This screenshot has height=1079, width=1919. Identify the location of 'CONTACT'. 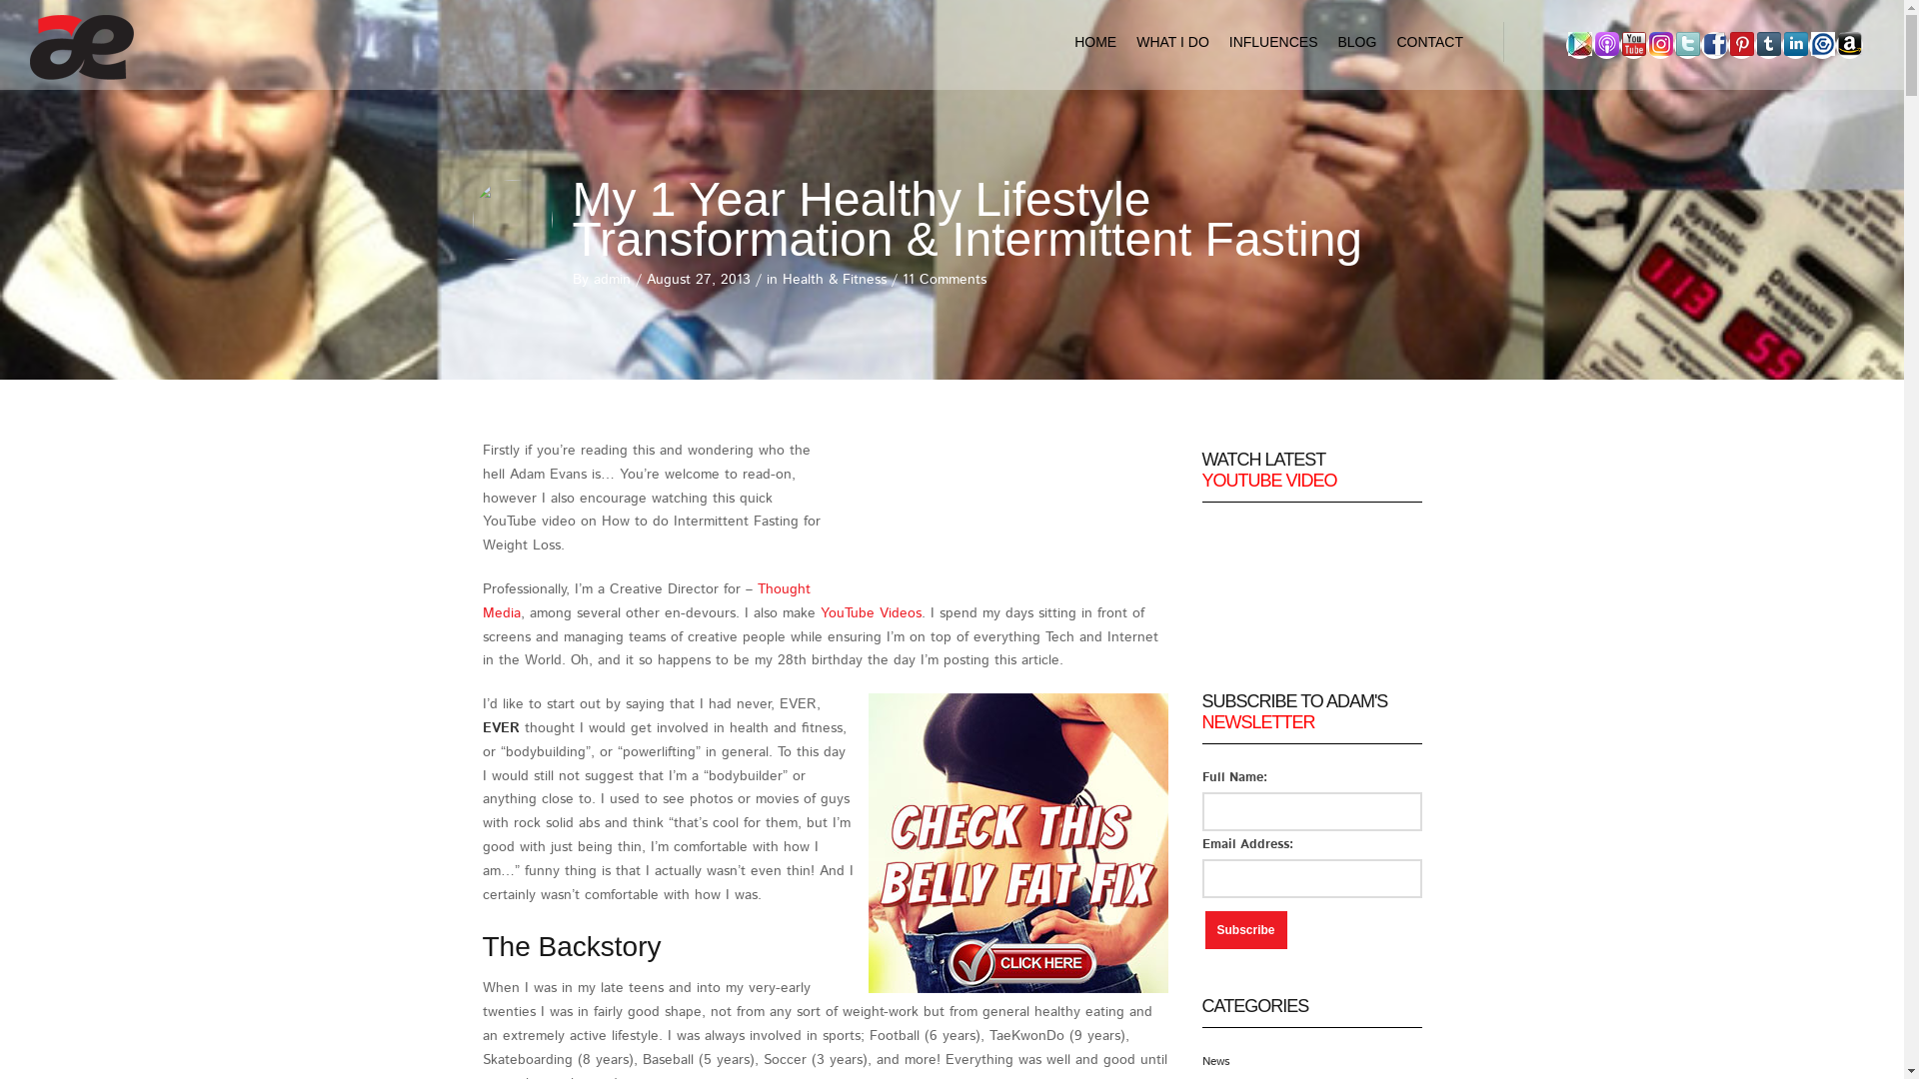
(1428, 42).